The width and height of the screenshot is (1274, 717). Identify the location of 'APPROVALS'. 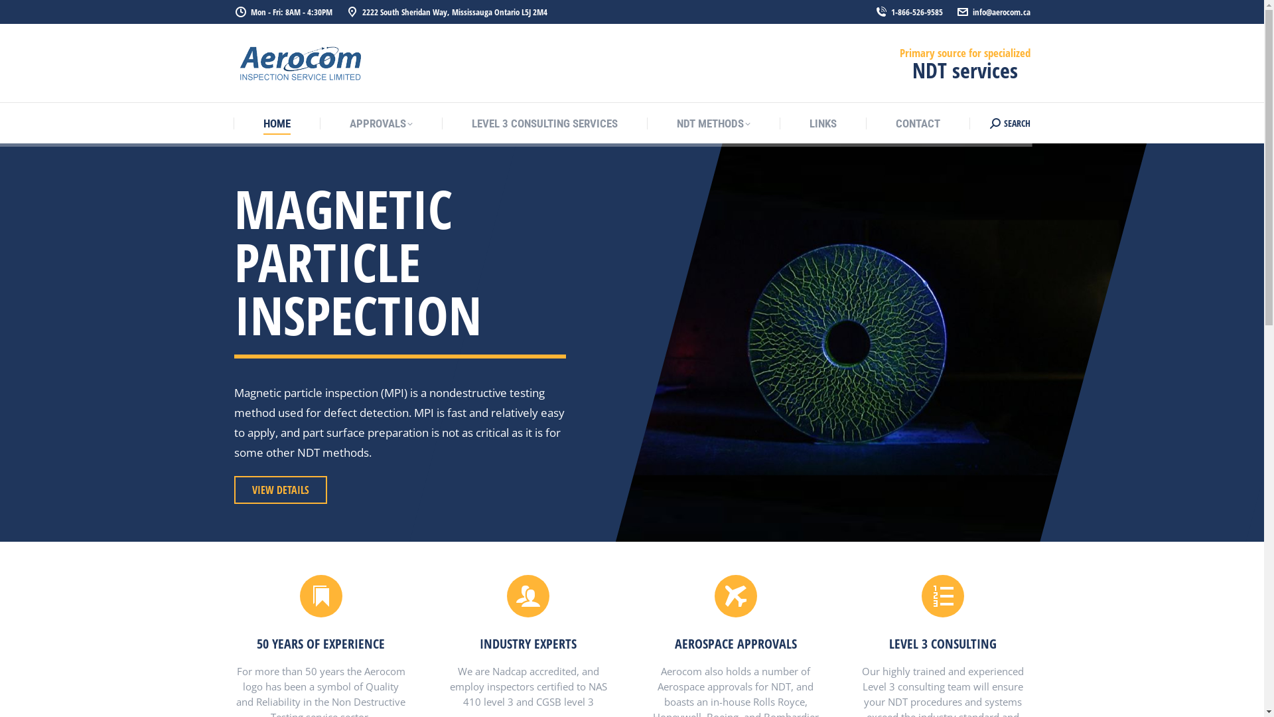
(380, 123).